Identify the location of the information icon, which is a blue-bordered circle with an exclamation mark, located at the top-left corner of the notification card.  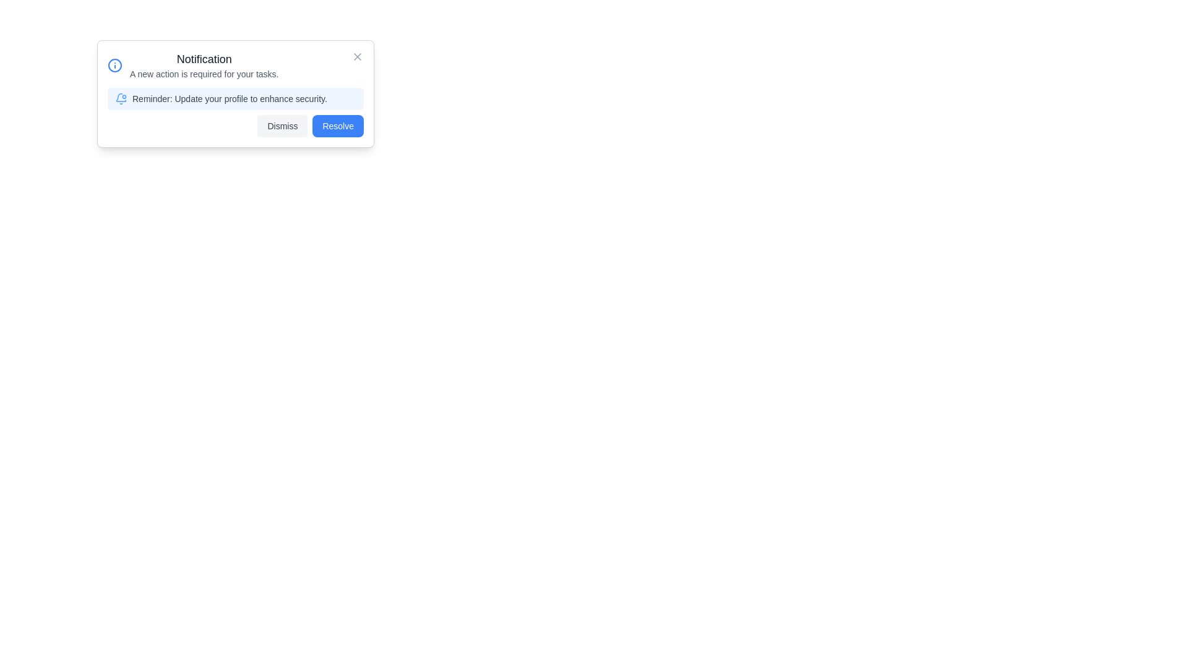
(115, 65).